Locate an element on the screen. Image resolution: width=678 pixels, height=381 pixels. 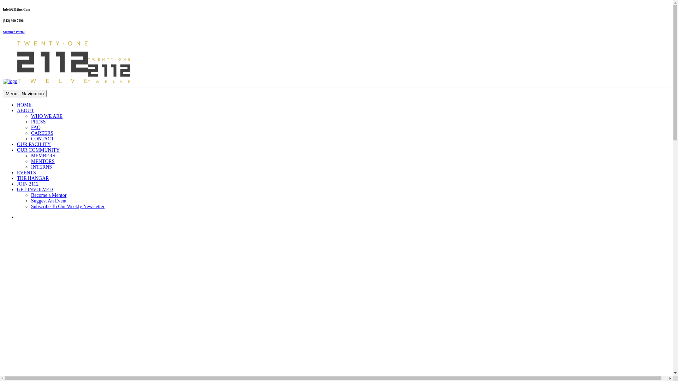
'MENTORS' is located at coordinates (42, 161).